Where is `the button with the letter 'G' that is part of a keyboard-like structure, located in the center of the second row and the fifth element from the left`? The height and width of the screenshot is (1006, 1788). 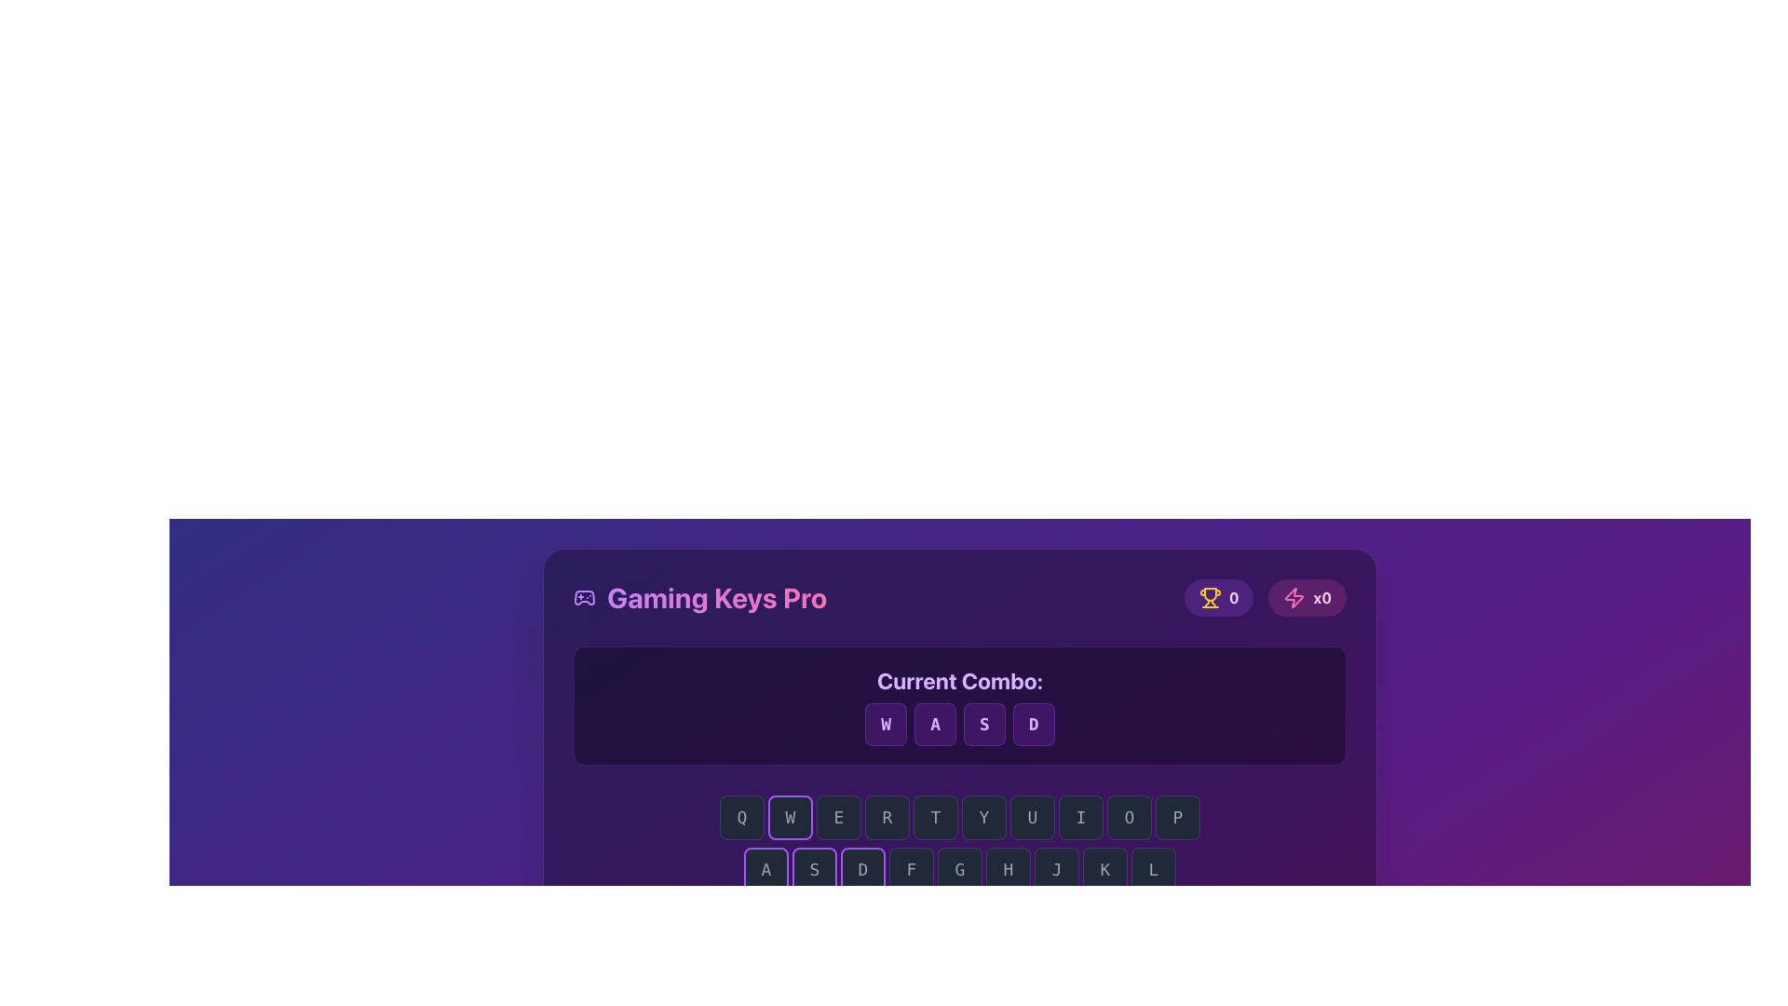
the button with the letter 'G' that is part of a keyboard-like structure, located in the center of the second row and the fifth element from the left is located at coordinates (960, 869).